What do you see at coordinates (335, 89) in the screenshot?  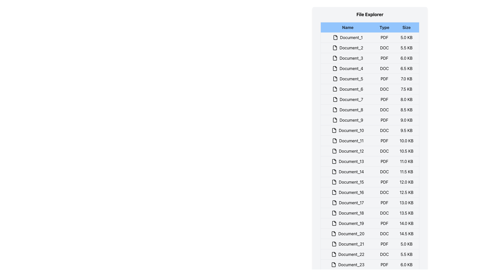 I see `the document icon in the sixth row of the 'File Explorer' that represents 'Document_6'` at bounding box center [335, 89].